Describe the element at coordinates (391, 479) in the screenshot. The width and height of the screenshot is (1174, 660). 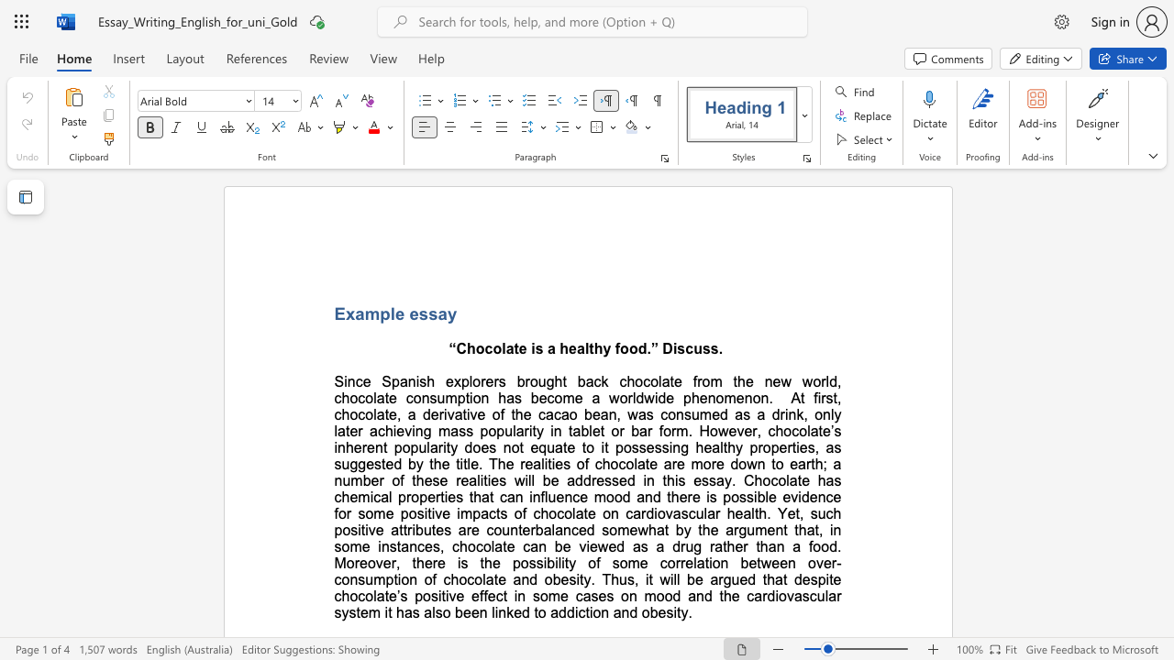
I see `the subset text "of these realities will be addressed in this essay. Chocolate has c" within the text "healthy properties, as suggested by the title. The realities of chocolate are more down to earth; a number of these realities will be addressed in this essay. Chocolate has chemical properties that can influence mood and there is"` at that location.